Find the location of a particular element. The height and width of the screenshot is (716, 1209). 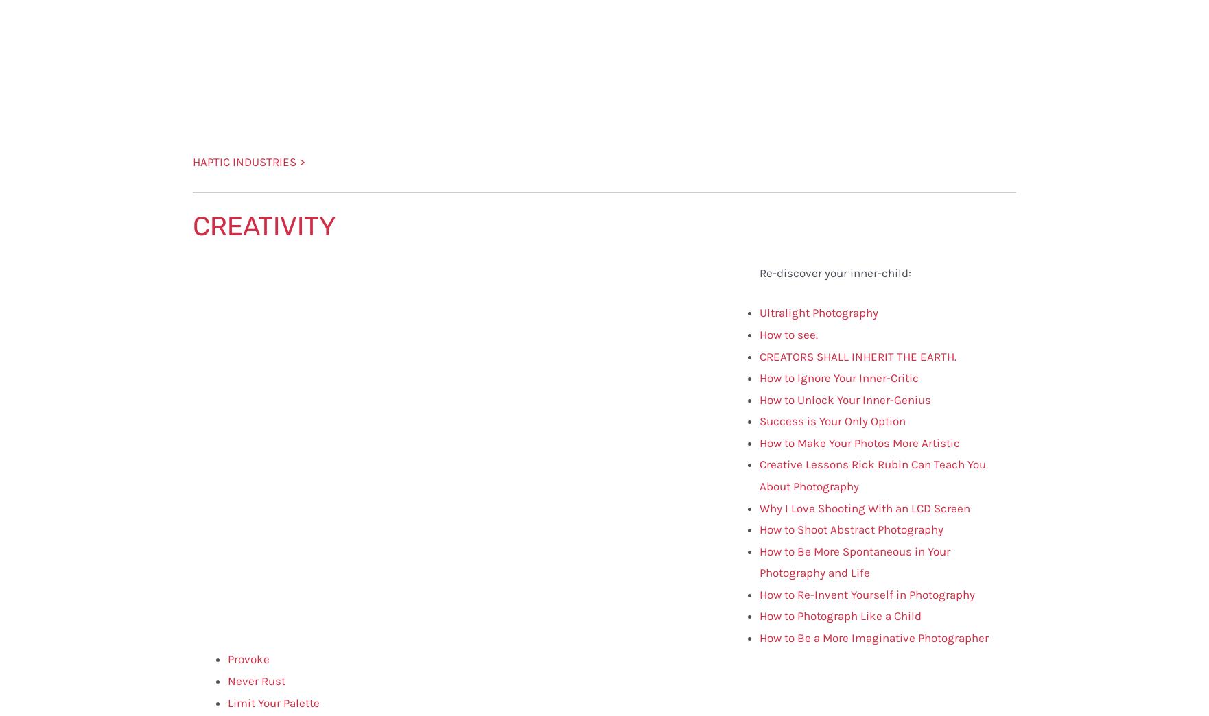

'How to Make Your Photos More Artistic' is located at coordinates (759, 442).